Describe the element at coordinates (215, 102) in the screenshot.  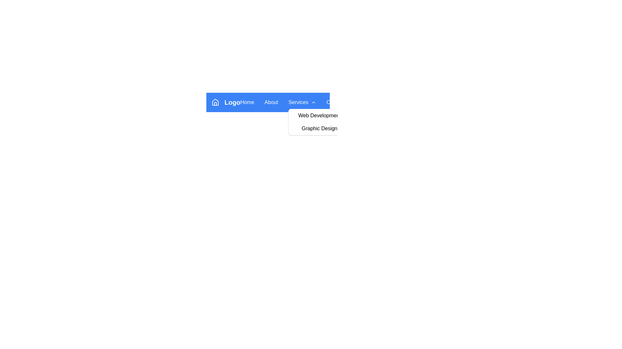
I see `the 'home' icon located on the leftmost side of the navigation bar` at that location.